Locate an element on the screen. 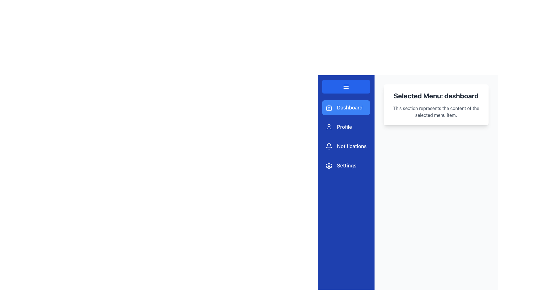 Image resolution: width=546 pixels, height=307 pixels. the 'Dashboard' menu icon located in the vertical navigation menu is located at coordinates (329, 107).